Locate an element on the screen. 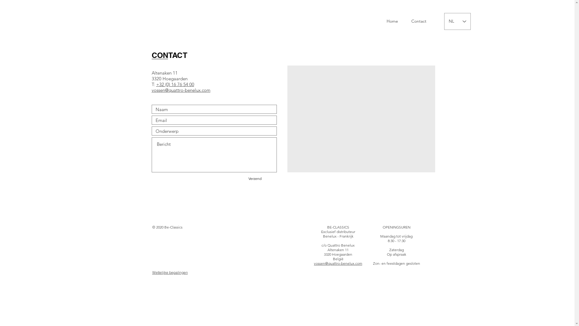 This screenshot has height=326, width=579. 'Wettelijke bepalingen' is located at coordinates (169, 272).